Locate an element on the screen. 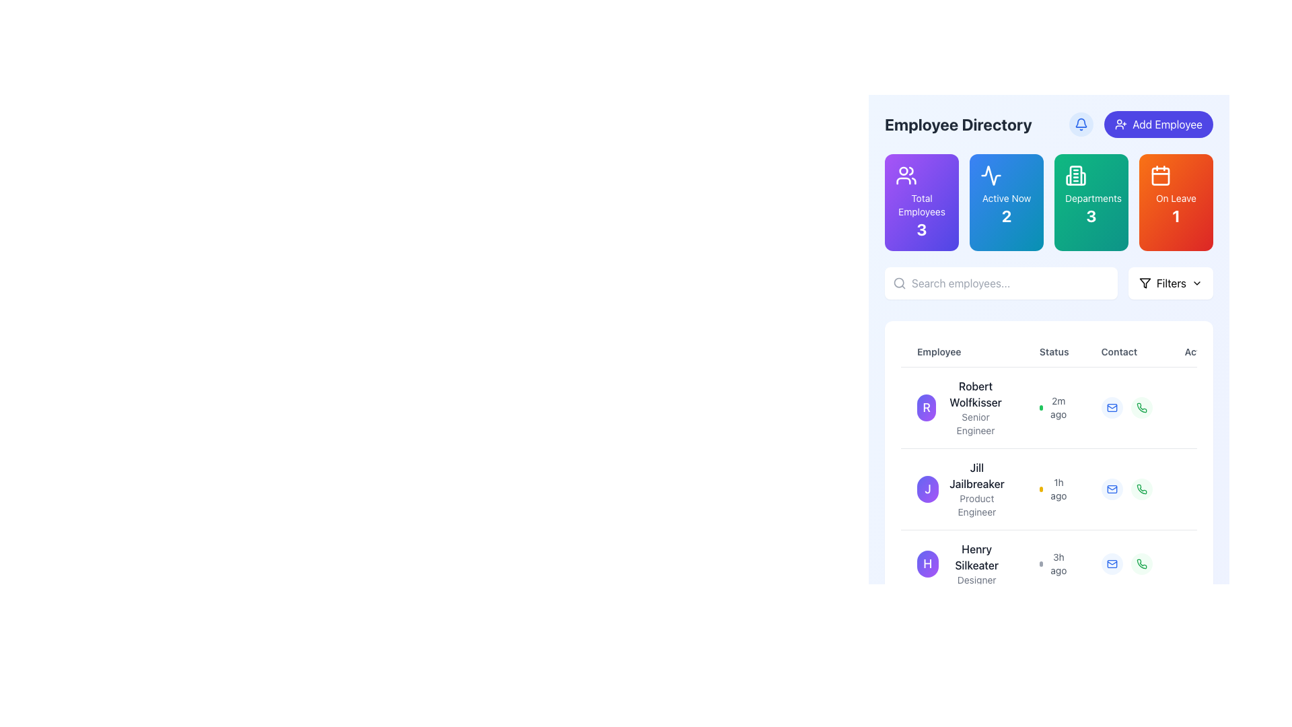  the chevron icon pointing downward, located to the right of the 'Filters' text is located at coordinates (1197, 282).